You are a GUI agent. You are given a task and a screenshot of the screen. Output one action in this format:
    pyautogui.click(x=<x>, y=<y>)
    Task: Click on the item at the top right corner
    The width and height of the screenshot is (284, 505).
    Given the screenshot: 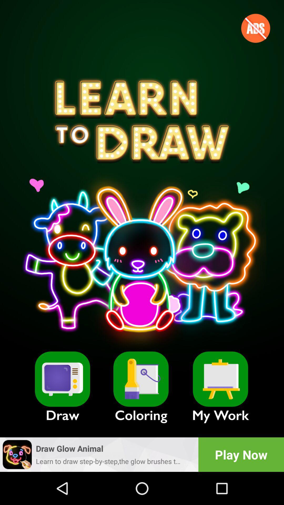 What is the action you would take?
    pyautogui.click(x=255, y=28)
    